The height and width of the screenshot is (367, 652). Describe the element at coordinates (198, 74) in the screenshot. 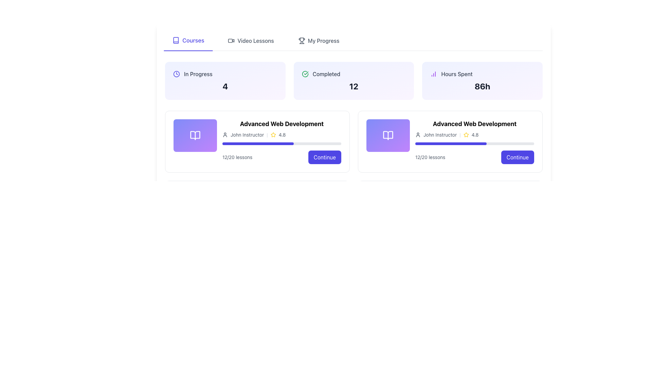

I see `the text label displaying 'In Progress' which is styled with a medium font weight and gray color, located next to a clock icon in the top-left of the dashboard` at that location.